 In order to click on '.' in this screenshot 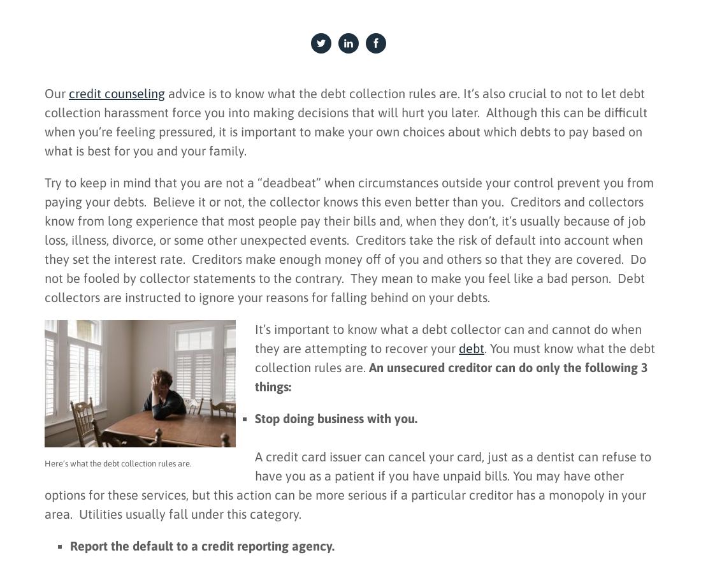, I will do `click(57, 517)`.